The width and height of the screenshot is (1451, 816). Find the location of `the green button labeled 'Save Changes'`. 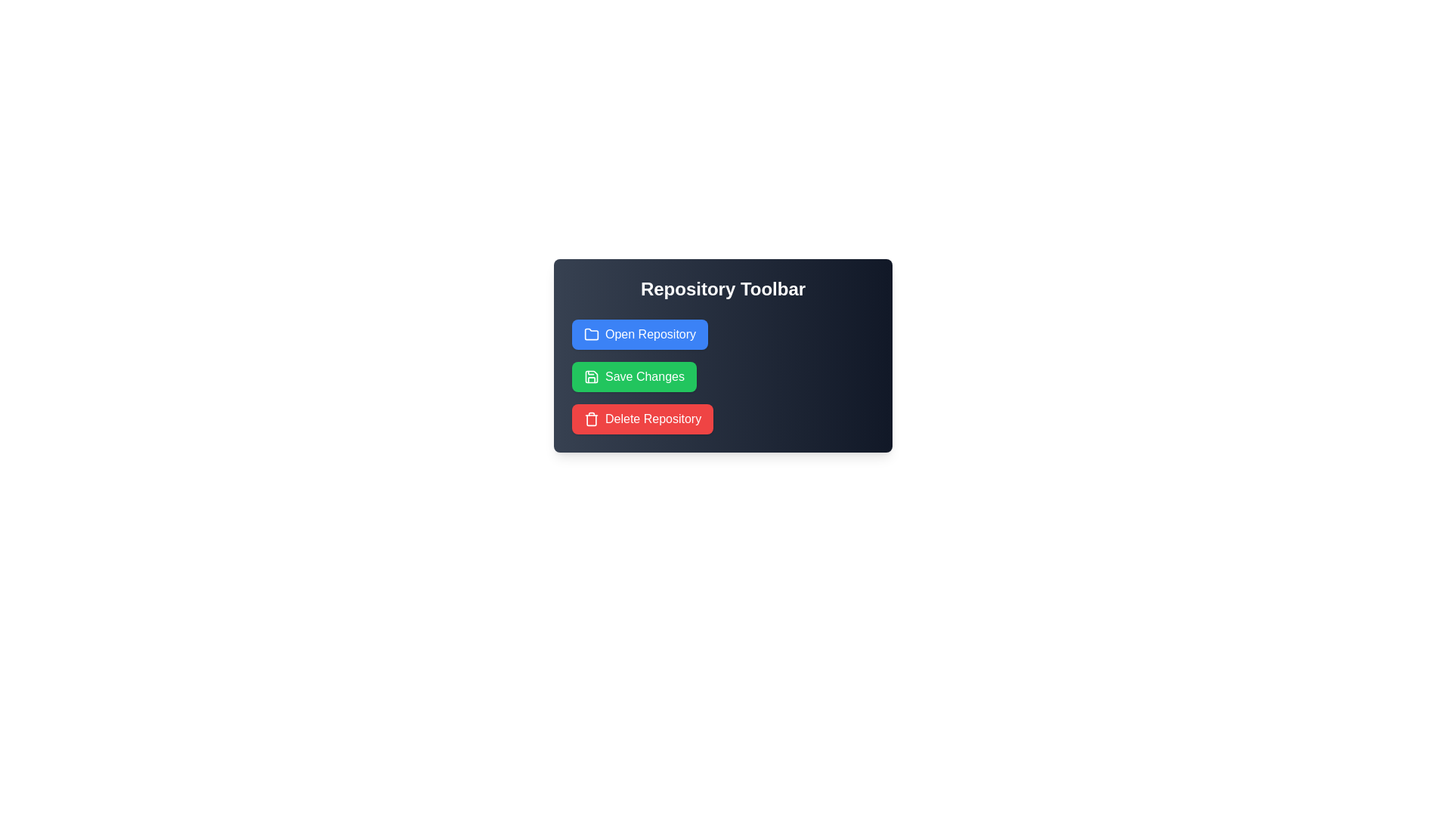

the green button labeled 'Save Changes' is located at coordinates (634, 376).